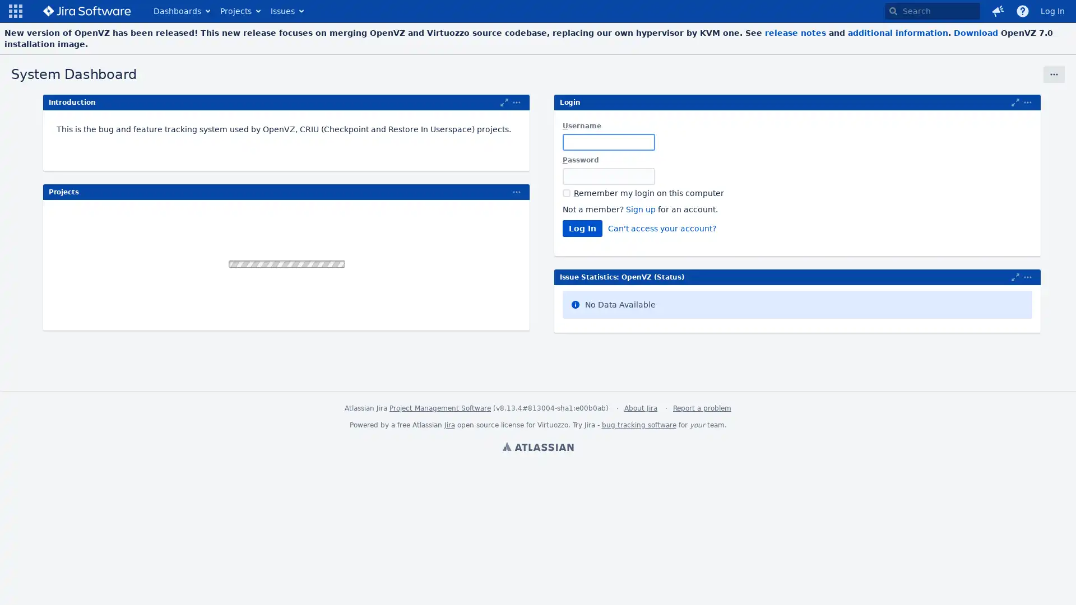 This screenshot has width=1076, height=605. Describe the element at coordinates (1027, 277) in the screenshot. I see `Maximize` at that location.